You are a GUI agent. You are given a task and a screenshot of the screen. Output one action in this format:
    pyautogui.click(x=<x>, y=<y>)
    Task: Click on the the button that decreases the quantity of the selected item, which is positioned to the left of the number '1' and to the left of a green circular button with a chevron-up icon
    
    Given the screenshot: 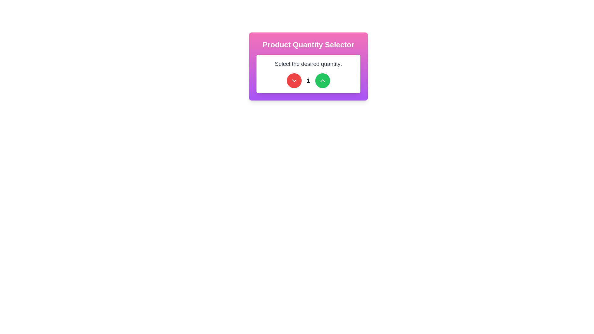 What is the action you would take?
    pyautogui.click(x=294, y=80)
    